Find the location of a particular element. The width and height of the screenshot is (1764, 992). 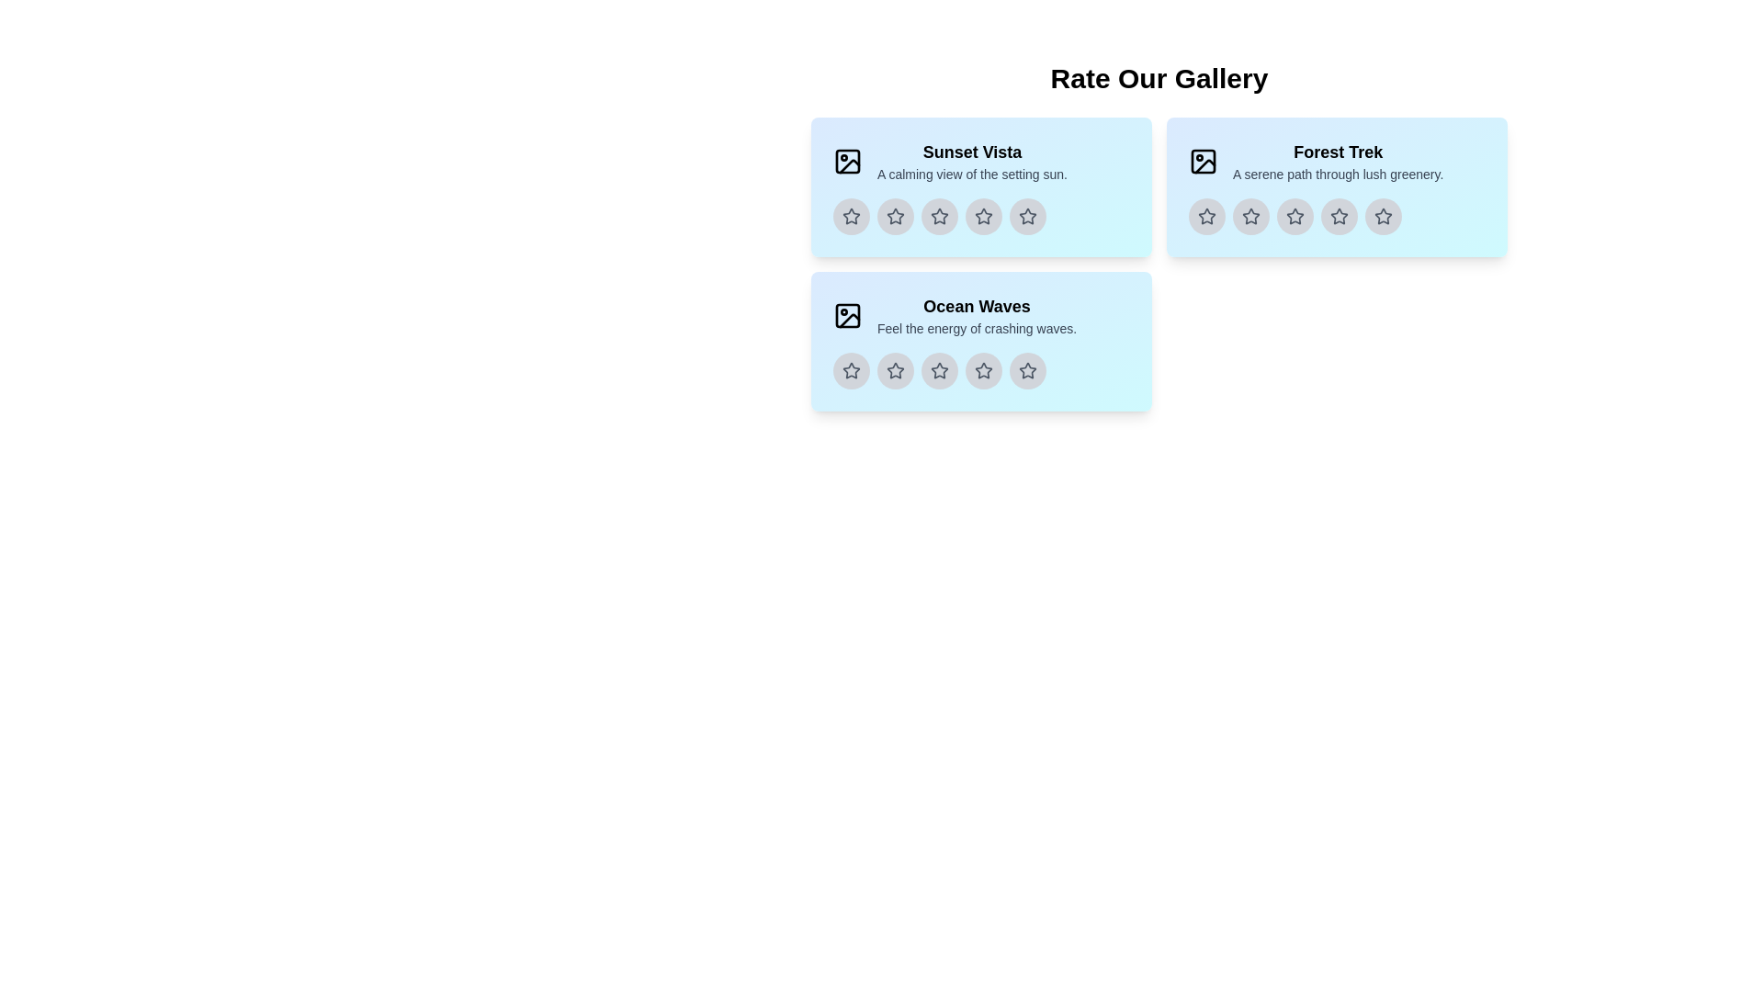

the third star button in the 'Forest Trek' rating row, which is a circular button with a star icon is located at coordinates (1295, 215).